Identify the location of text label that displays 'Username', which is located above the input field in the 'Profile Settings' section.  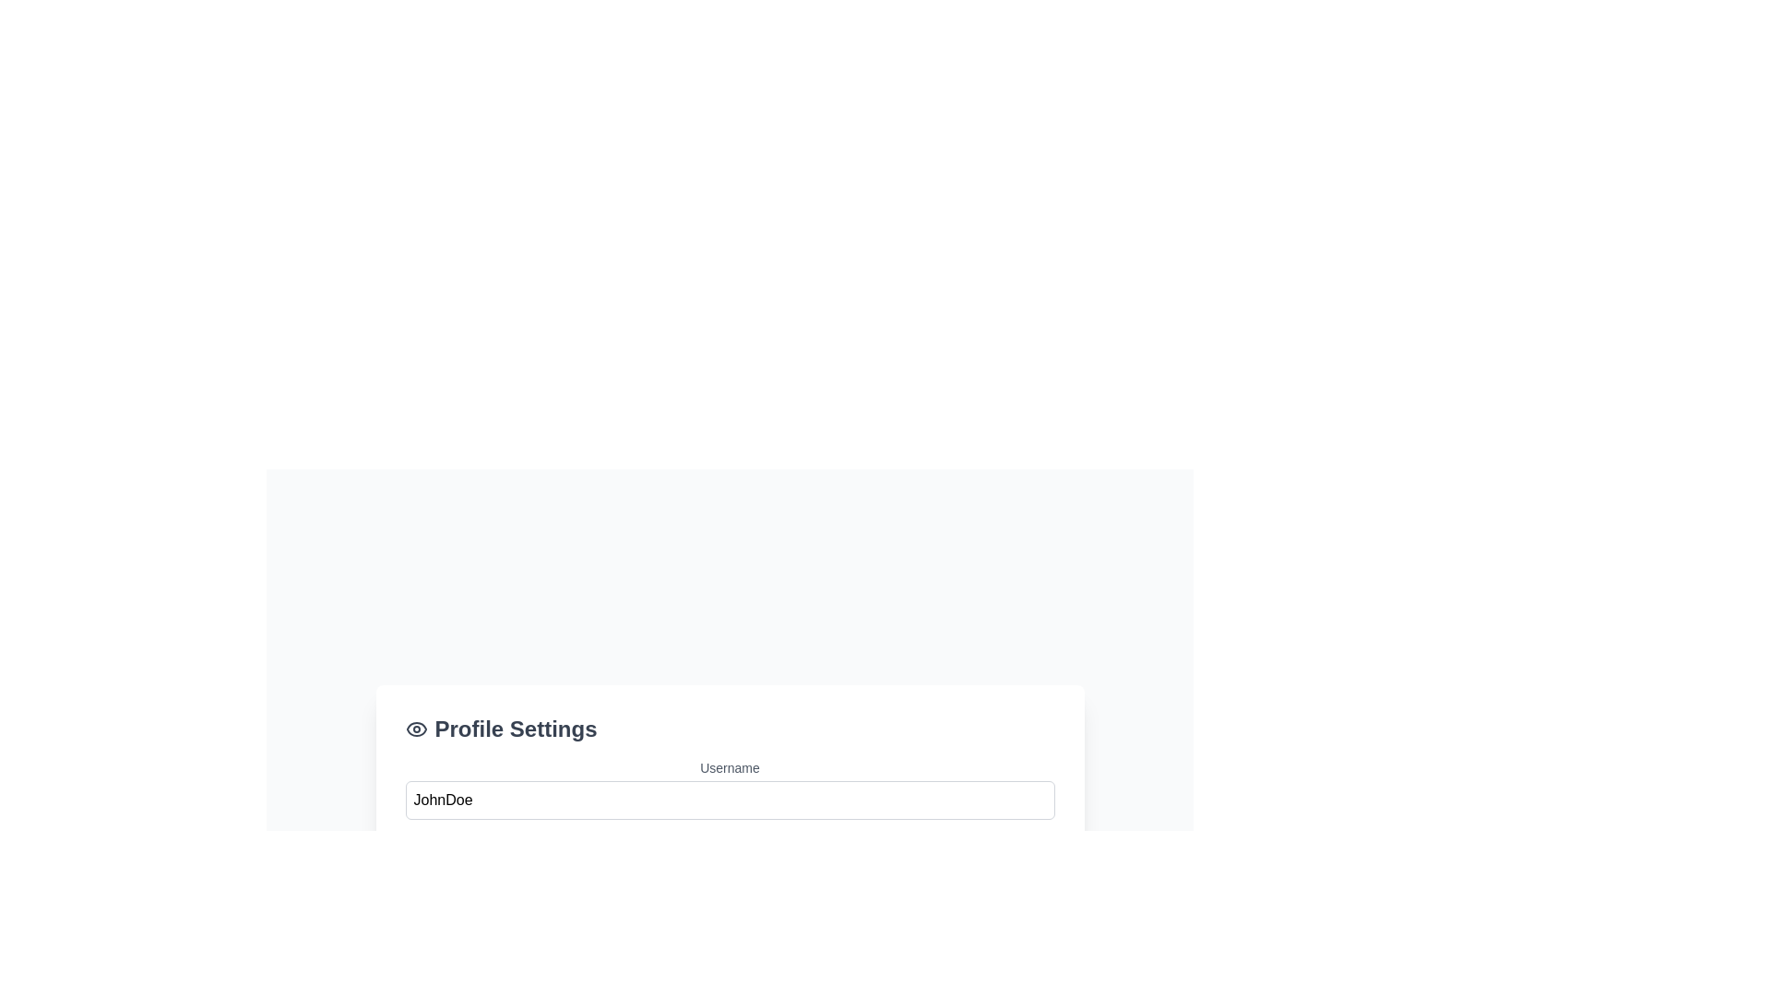
(729, 768).